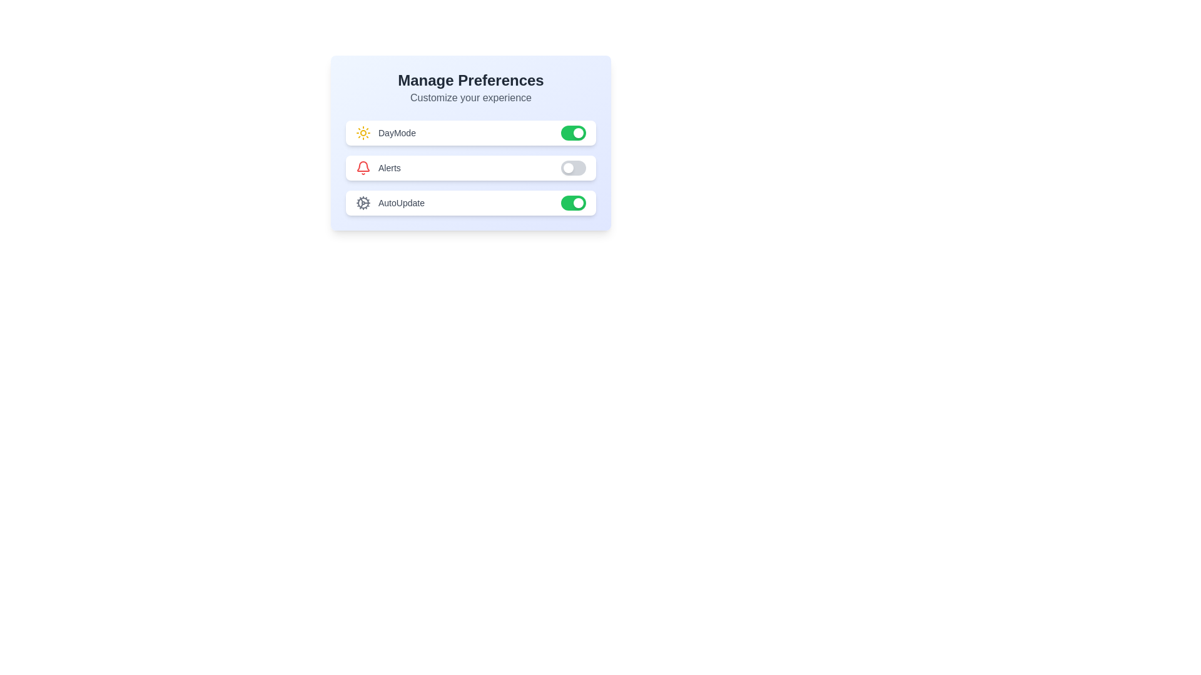 The width and height of the screenshot is (1201, 675). I want to click on the toggle switch with a green background and a white circular indicator, located to the far right of the 'AutoUpdate' row in the control panel interface, to change its state, so click(572, 202).